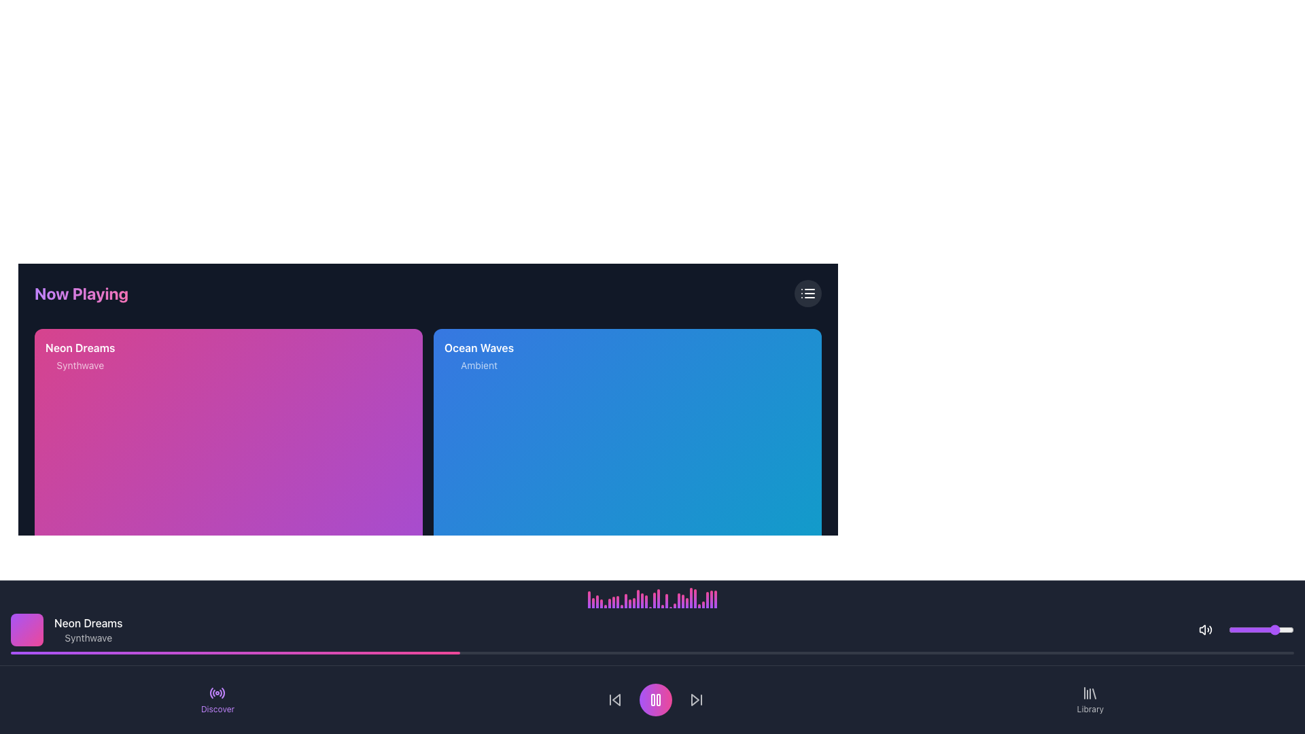 Image resolution: width=1305 pixels, height=734 pixels. I want to click on the 'Ocean Waves' text label, which identifies the current audio track in the Now Playing section, so click(479, 347).